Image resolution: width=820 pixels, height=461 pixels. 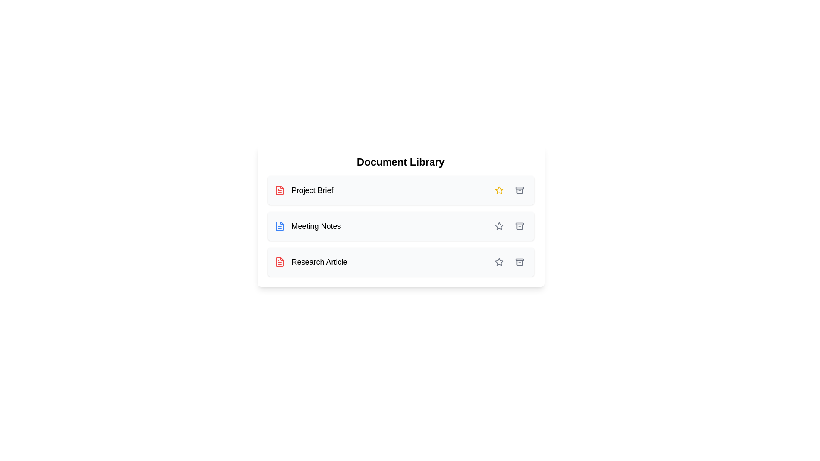 What do you see at coordinates (519, 261) in the screenshot?
I see `archive button for the document labeled Research Article` at bounding box center [519, 261].